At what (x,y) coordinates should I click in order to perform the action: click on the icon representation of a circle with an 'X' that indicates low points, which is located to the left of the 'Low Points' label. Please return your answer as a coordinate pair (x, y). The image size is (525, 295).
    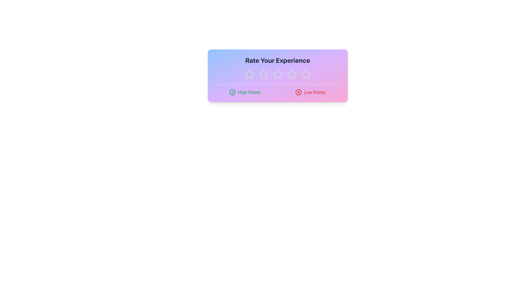
    Looking at the image, I should click on (298, 92).